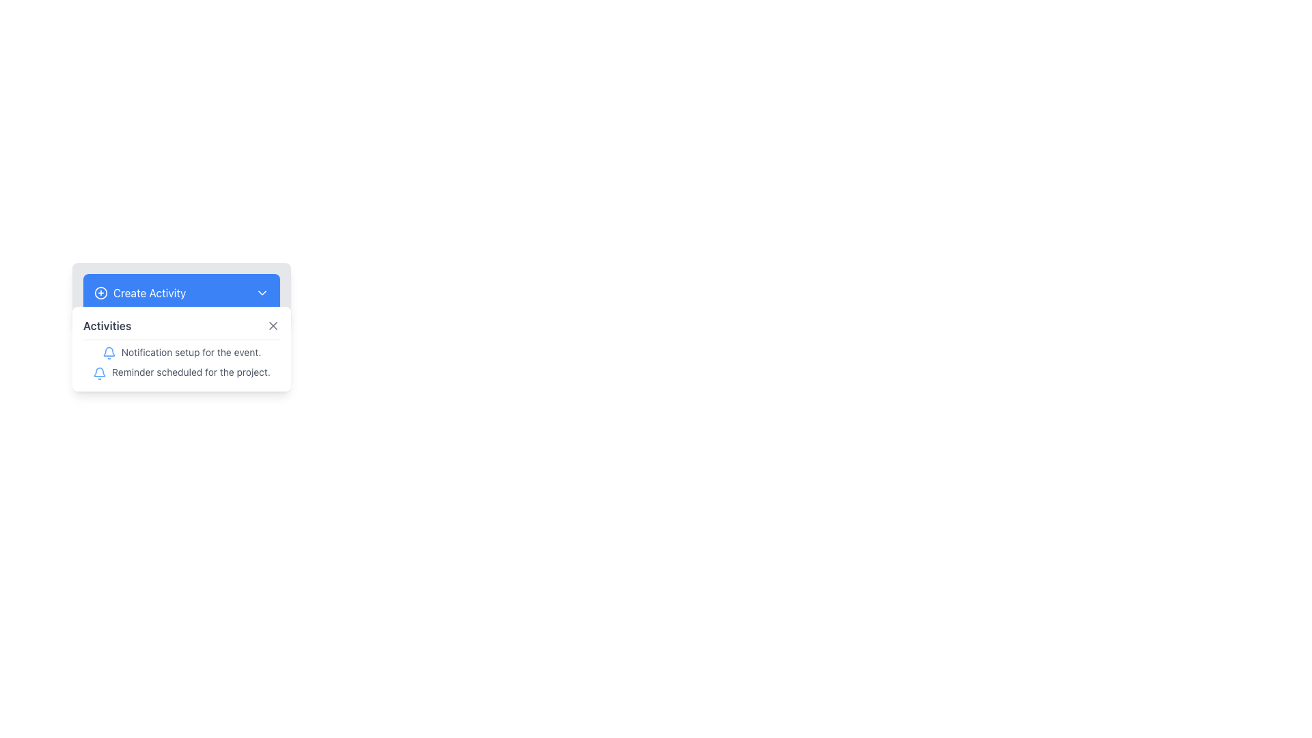  Describe the element at coordinates (262, 292) in the screenshot. I see `the right-rotated triangular chevron icon located within the blue 'Create Activity' button` at that location.